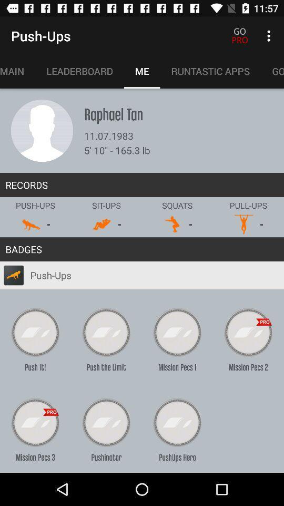 This screenshot has width=284, height=506. What do you see at coordinates (210, 71) in the screenshot?
I see `runtastic apps` at bounding box center [210, 71].